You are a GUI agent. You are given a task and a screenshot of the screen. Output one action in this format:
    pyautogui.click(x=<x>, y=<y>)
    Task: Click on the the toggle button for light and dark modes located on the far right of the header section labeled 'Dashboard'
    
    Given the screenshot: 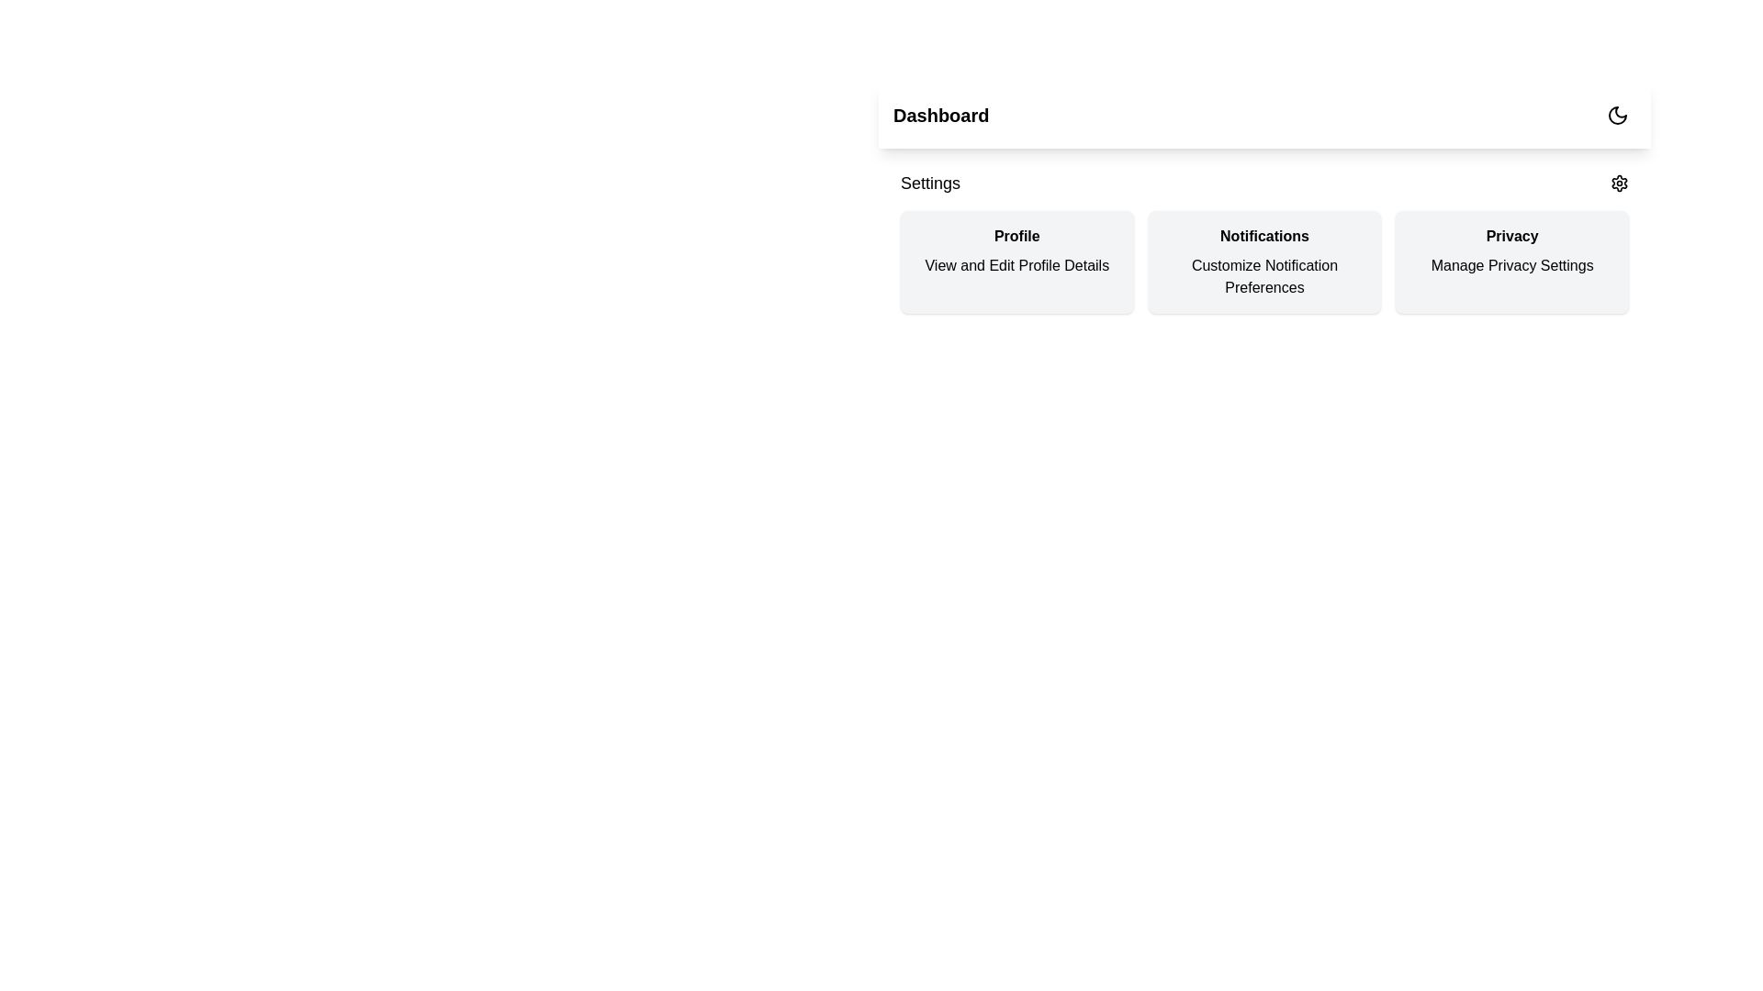 What is the action you would take?
    pyautogui.click(x=1617, y=116)
    